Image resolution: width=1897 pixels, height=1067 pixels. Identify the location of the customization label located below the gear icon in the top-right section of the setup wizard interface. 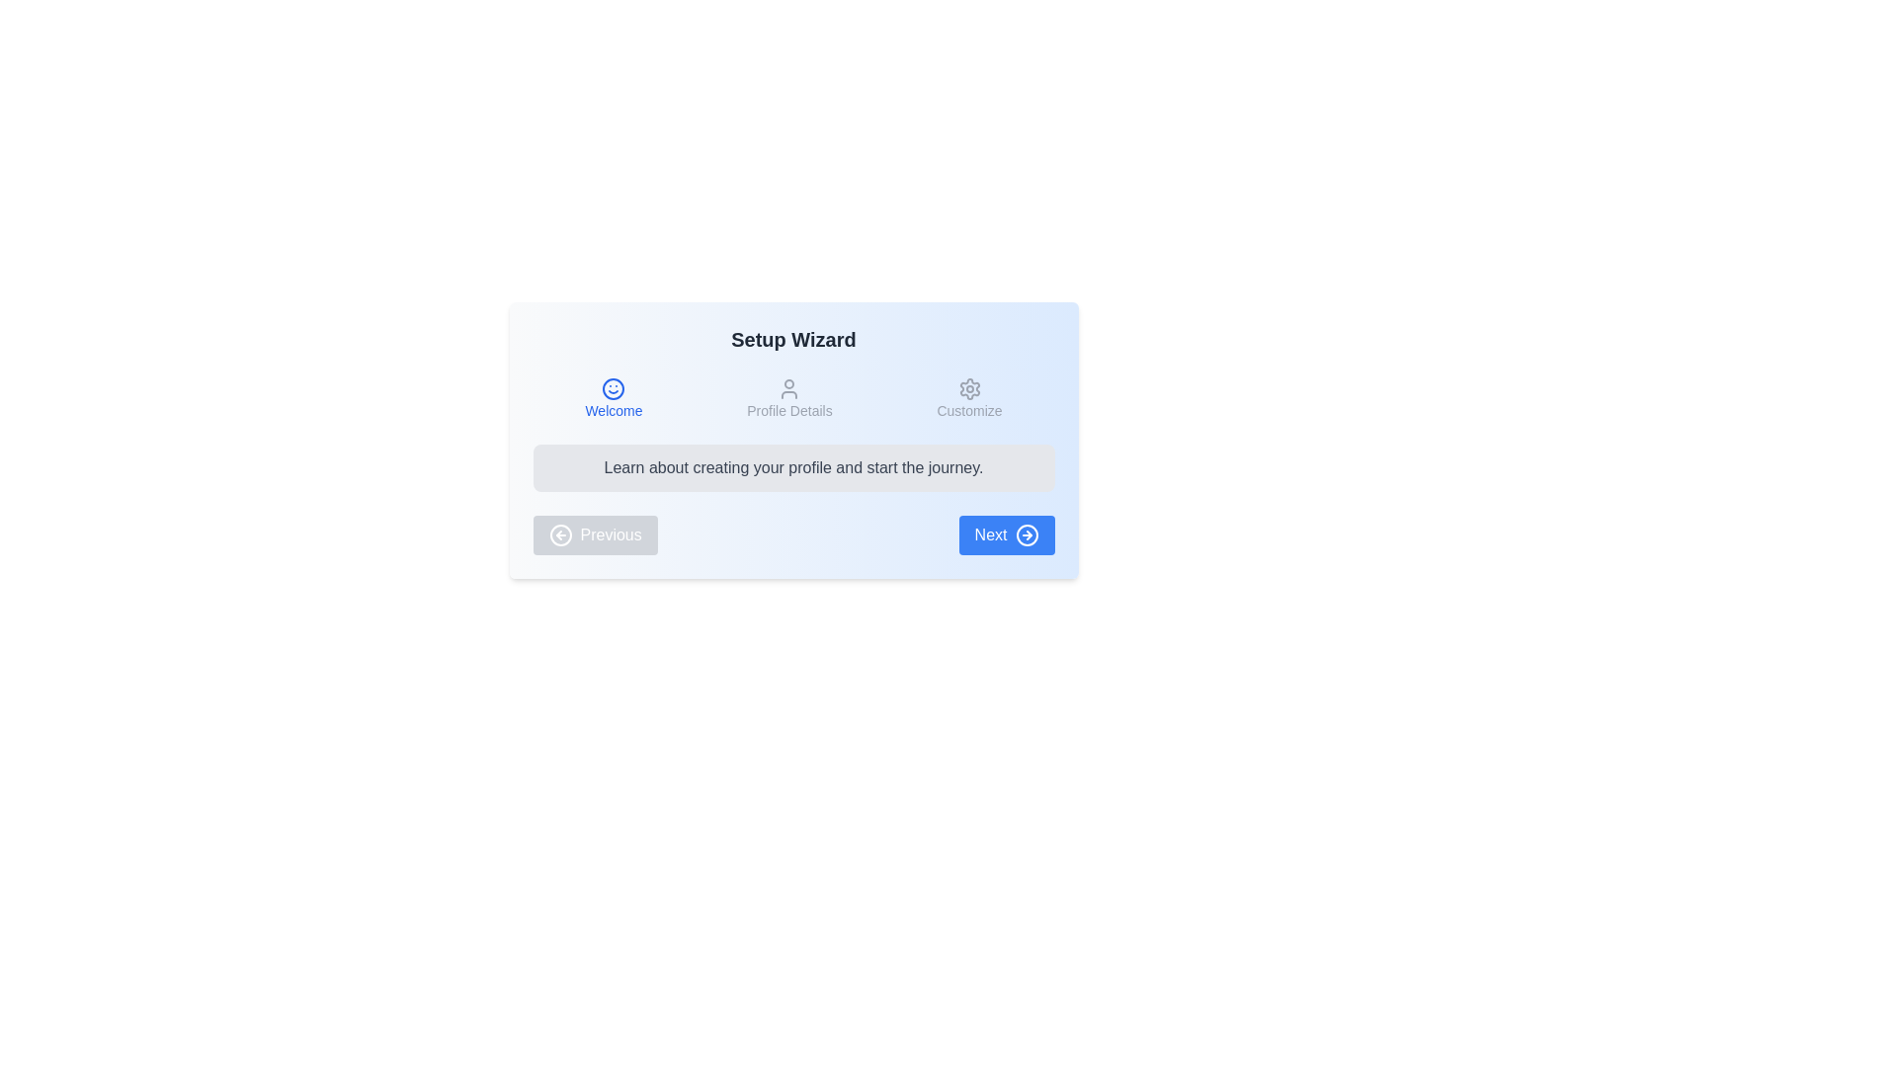
(969, 410).